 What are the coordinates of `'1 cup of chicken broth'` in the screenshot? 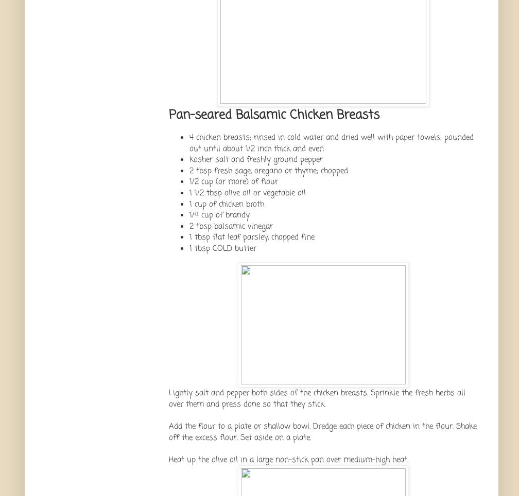 It's located at (189, 203).